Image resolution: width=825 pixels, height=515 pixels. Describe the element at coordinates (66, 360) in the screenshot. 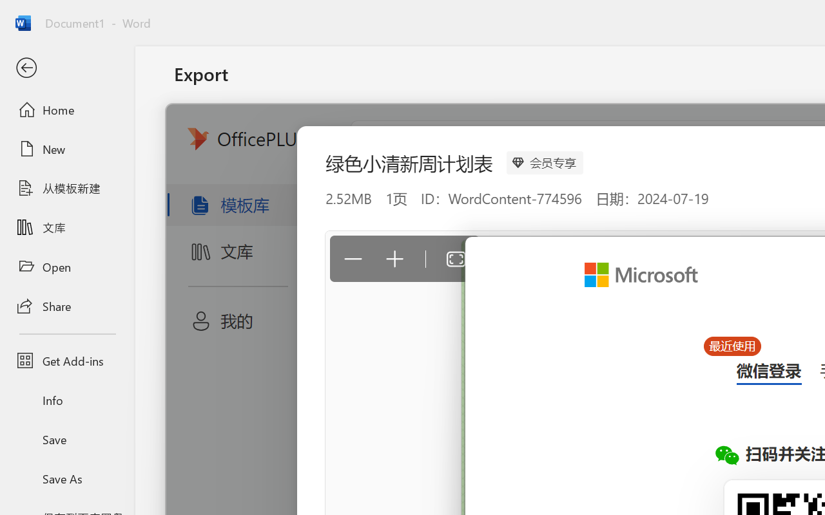

I see `'Get Add-ins'` at that location.